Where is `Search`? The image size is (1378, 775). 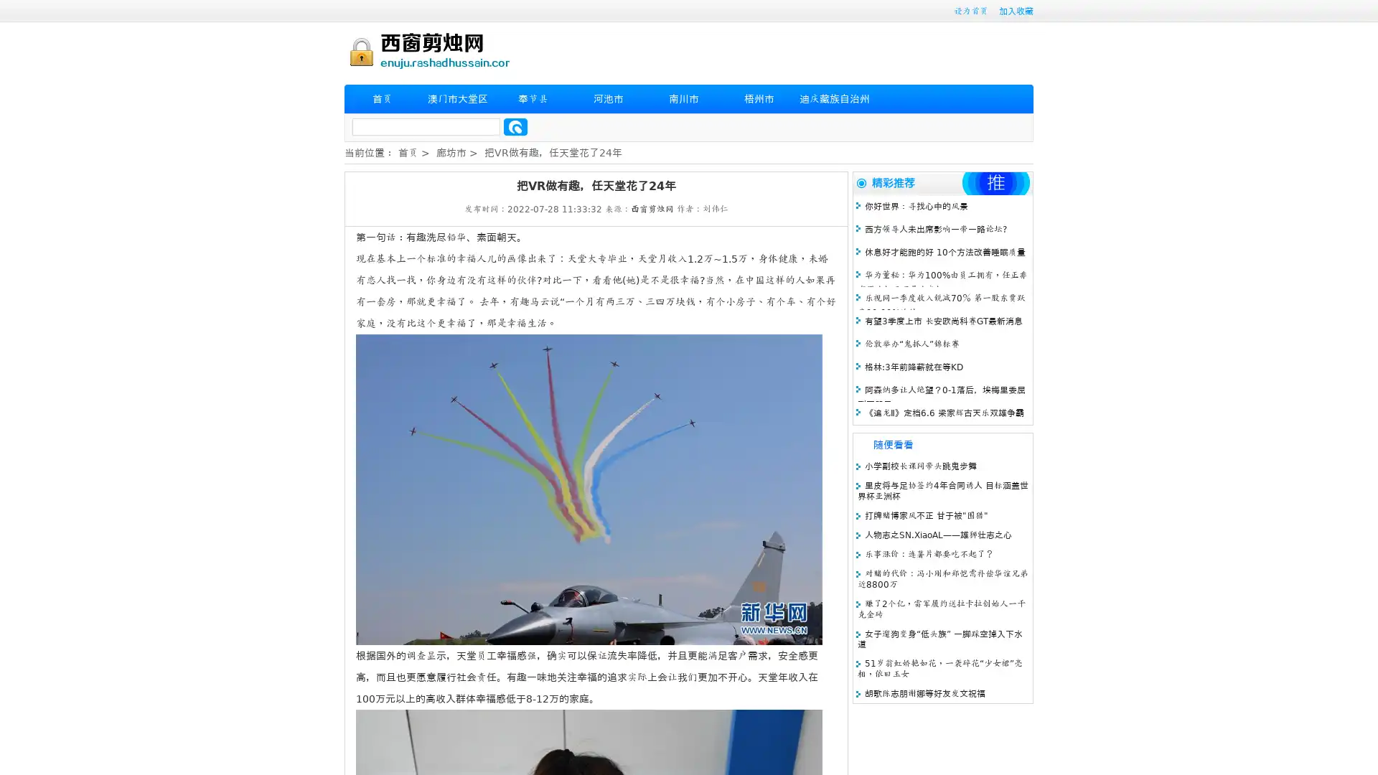 Search is located at coordinates (515, 126).